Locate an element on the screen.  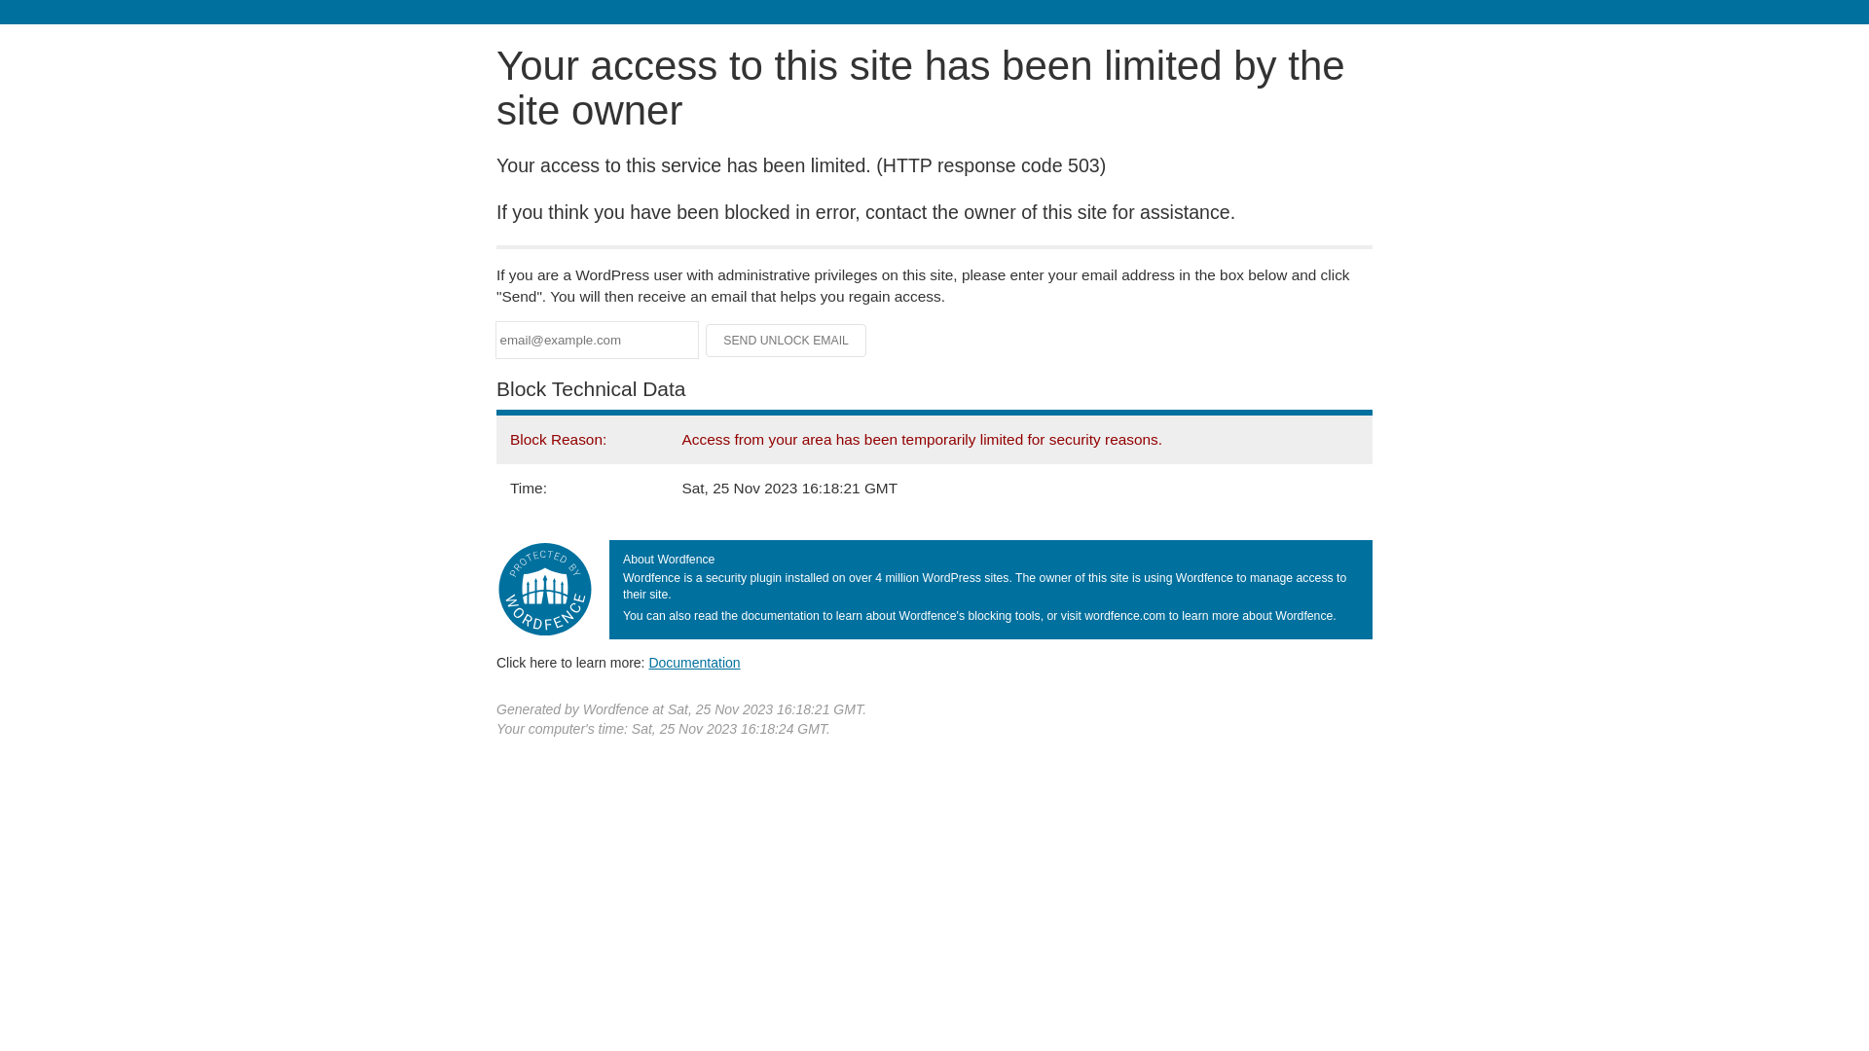
'Documentation' is located at coordinates (694, 662).